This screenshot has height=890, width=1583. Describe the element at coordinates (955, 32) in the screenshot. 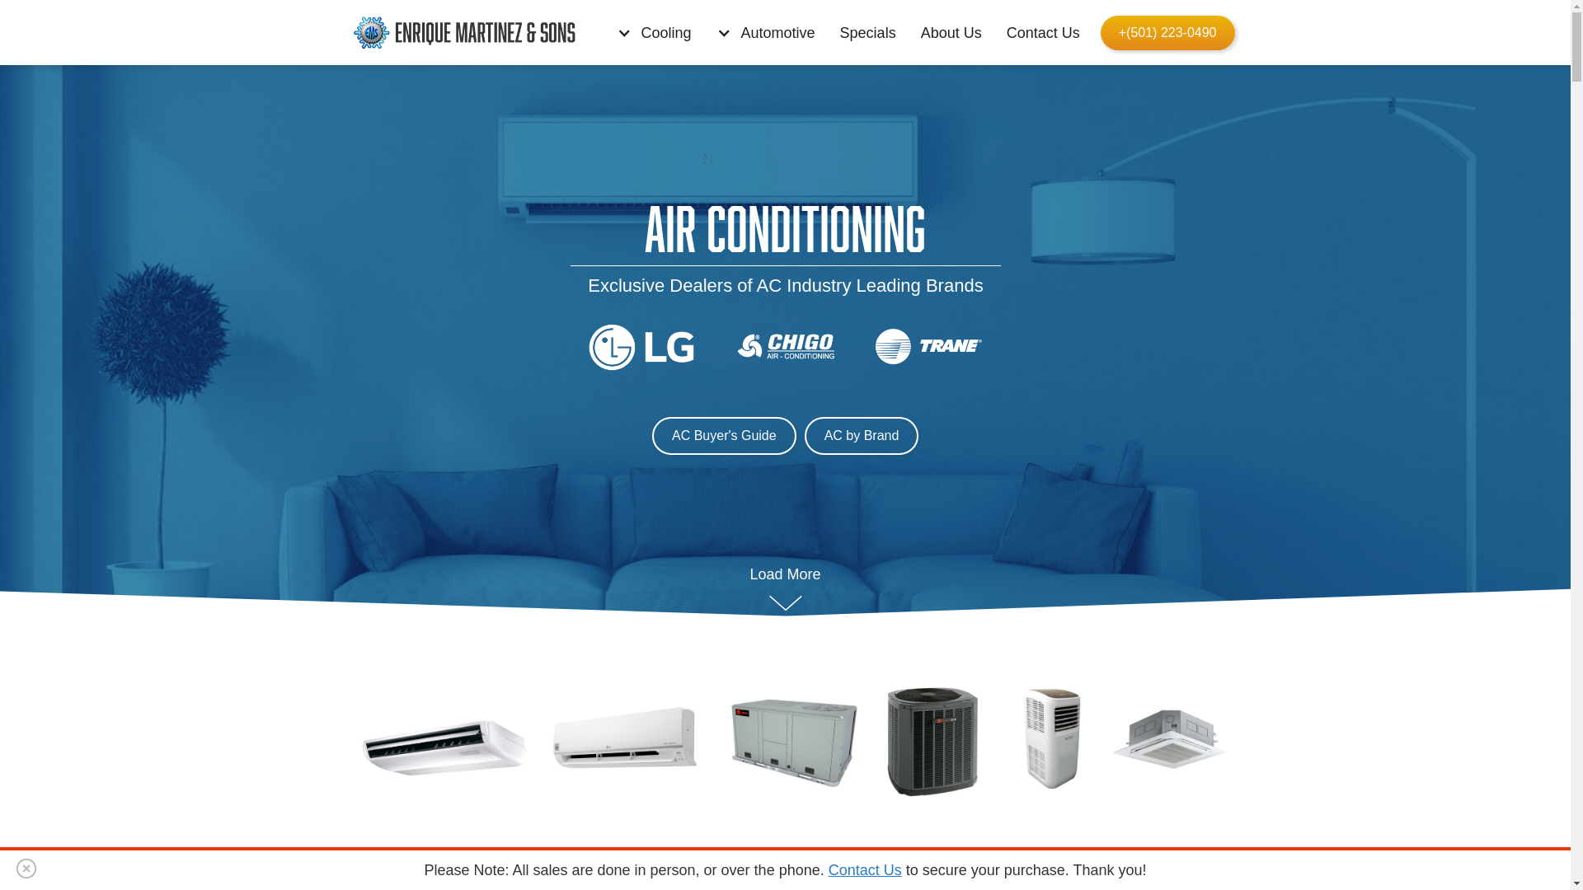

I see `'About Us'` at that location.